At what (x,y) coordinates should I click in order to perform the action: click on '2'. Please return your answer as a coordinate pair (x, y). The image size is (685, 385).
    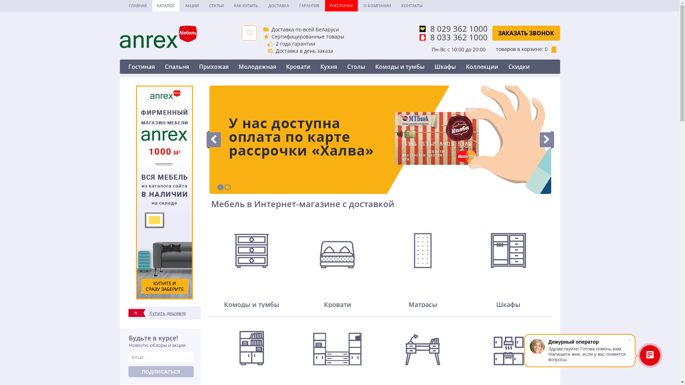
    Looking at the image, I should click on (227, 187).